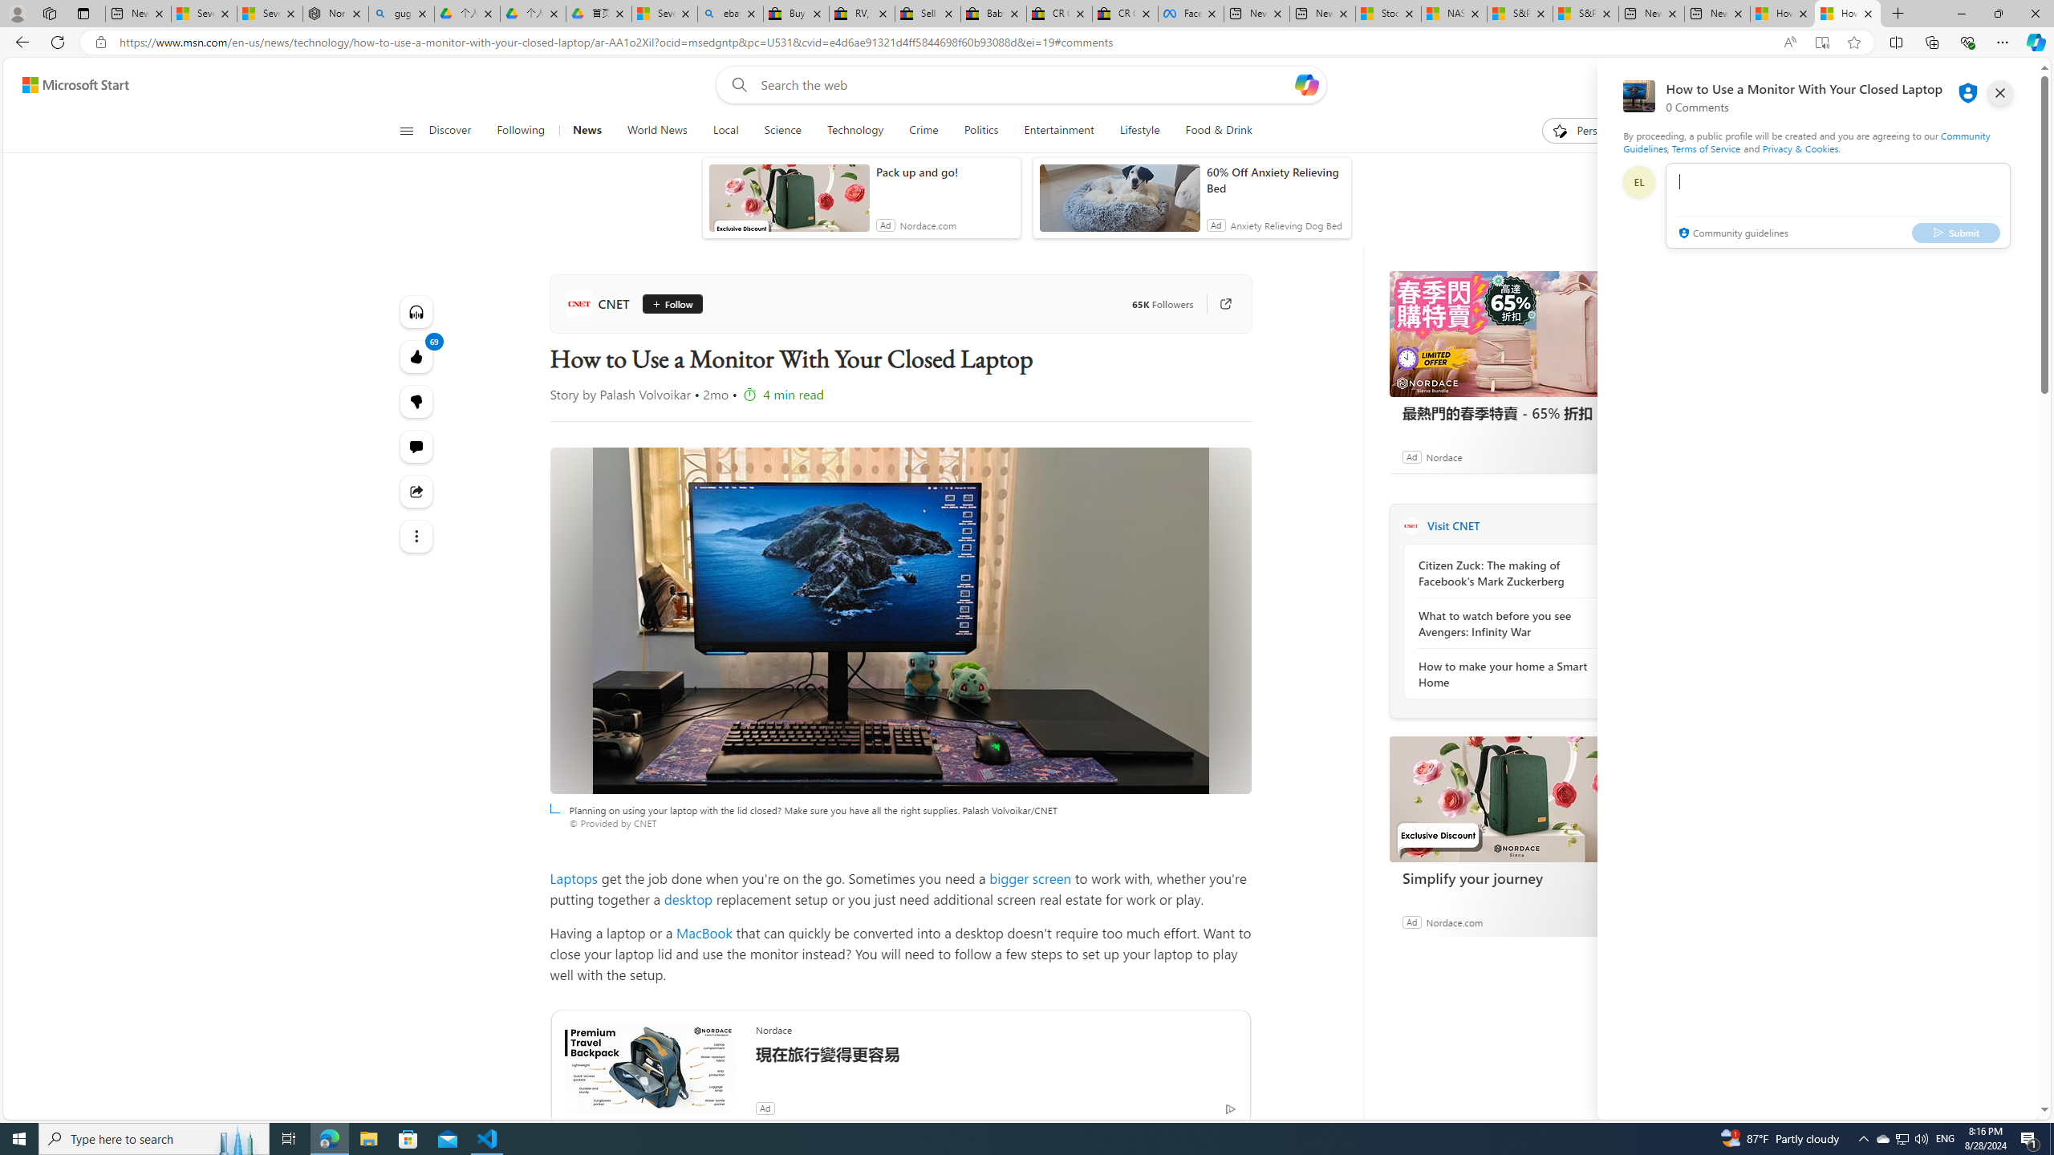  Describe the element at coordinates (980, 130) in the screenshot. I see `'Politics'` at that location.